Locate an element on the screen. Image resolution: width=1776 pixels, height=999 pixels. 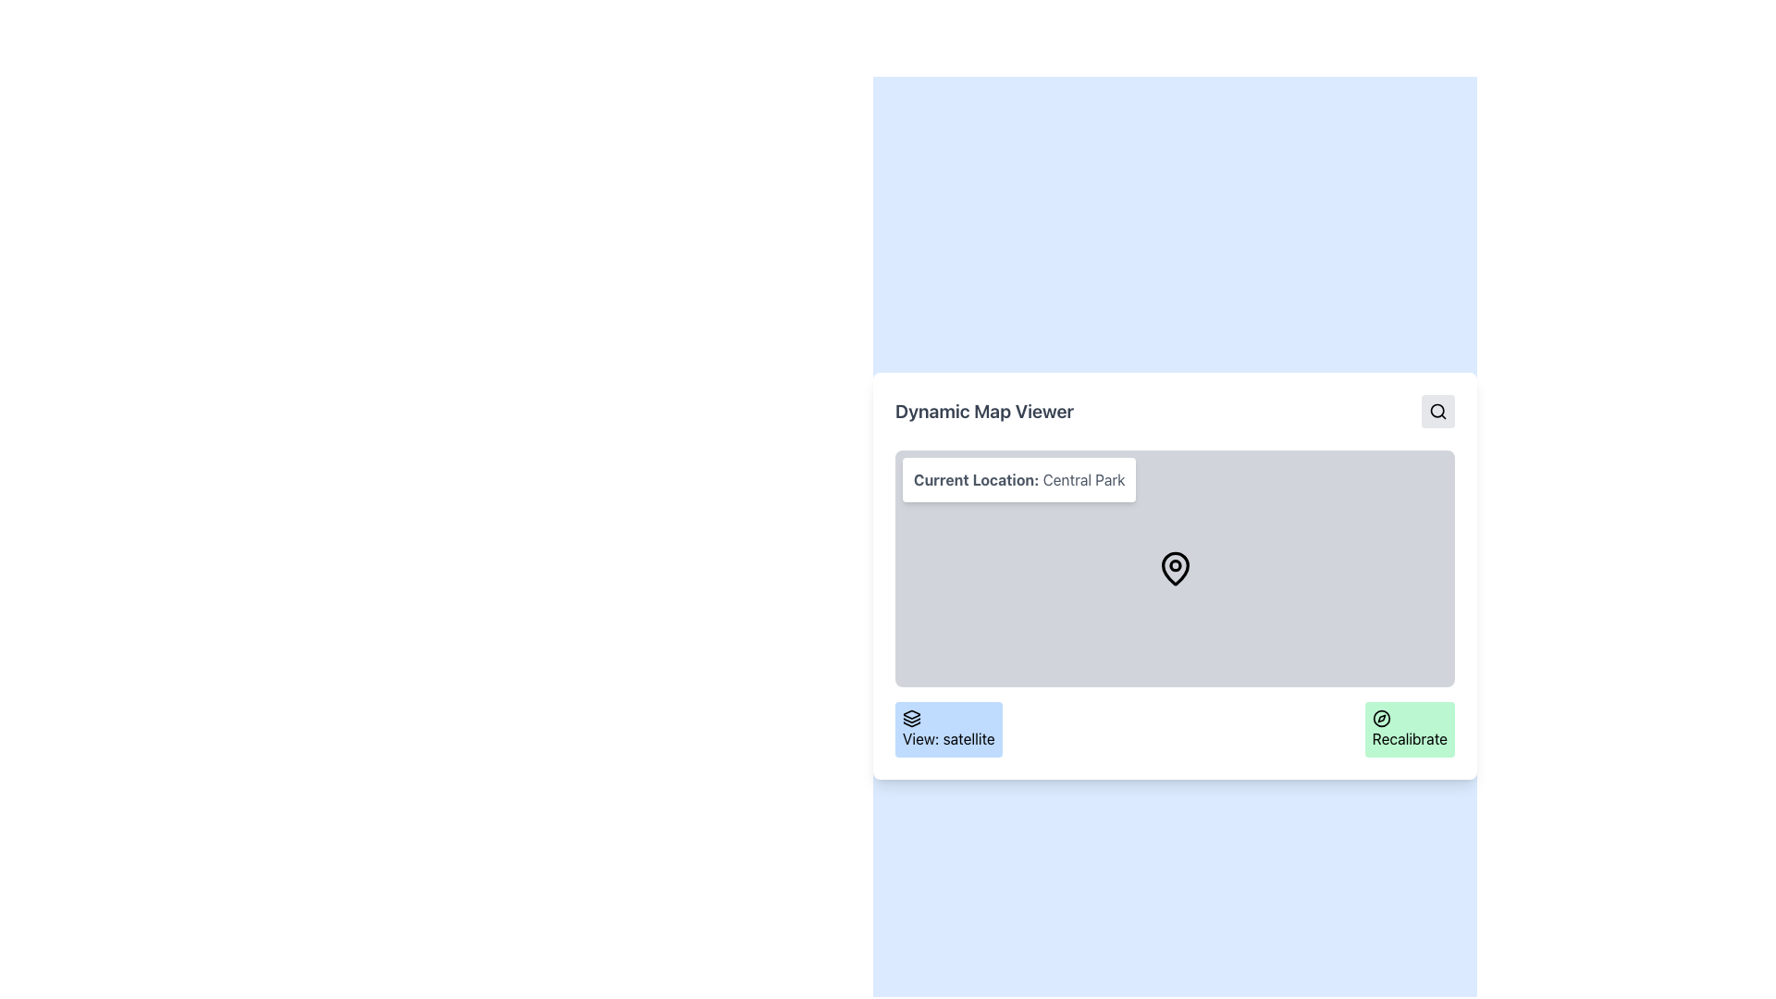
the Interactive Map/Location Viewer to interact with it is located at coordinates (1174, 603).